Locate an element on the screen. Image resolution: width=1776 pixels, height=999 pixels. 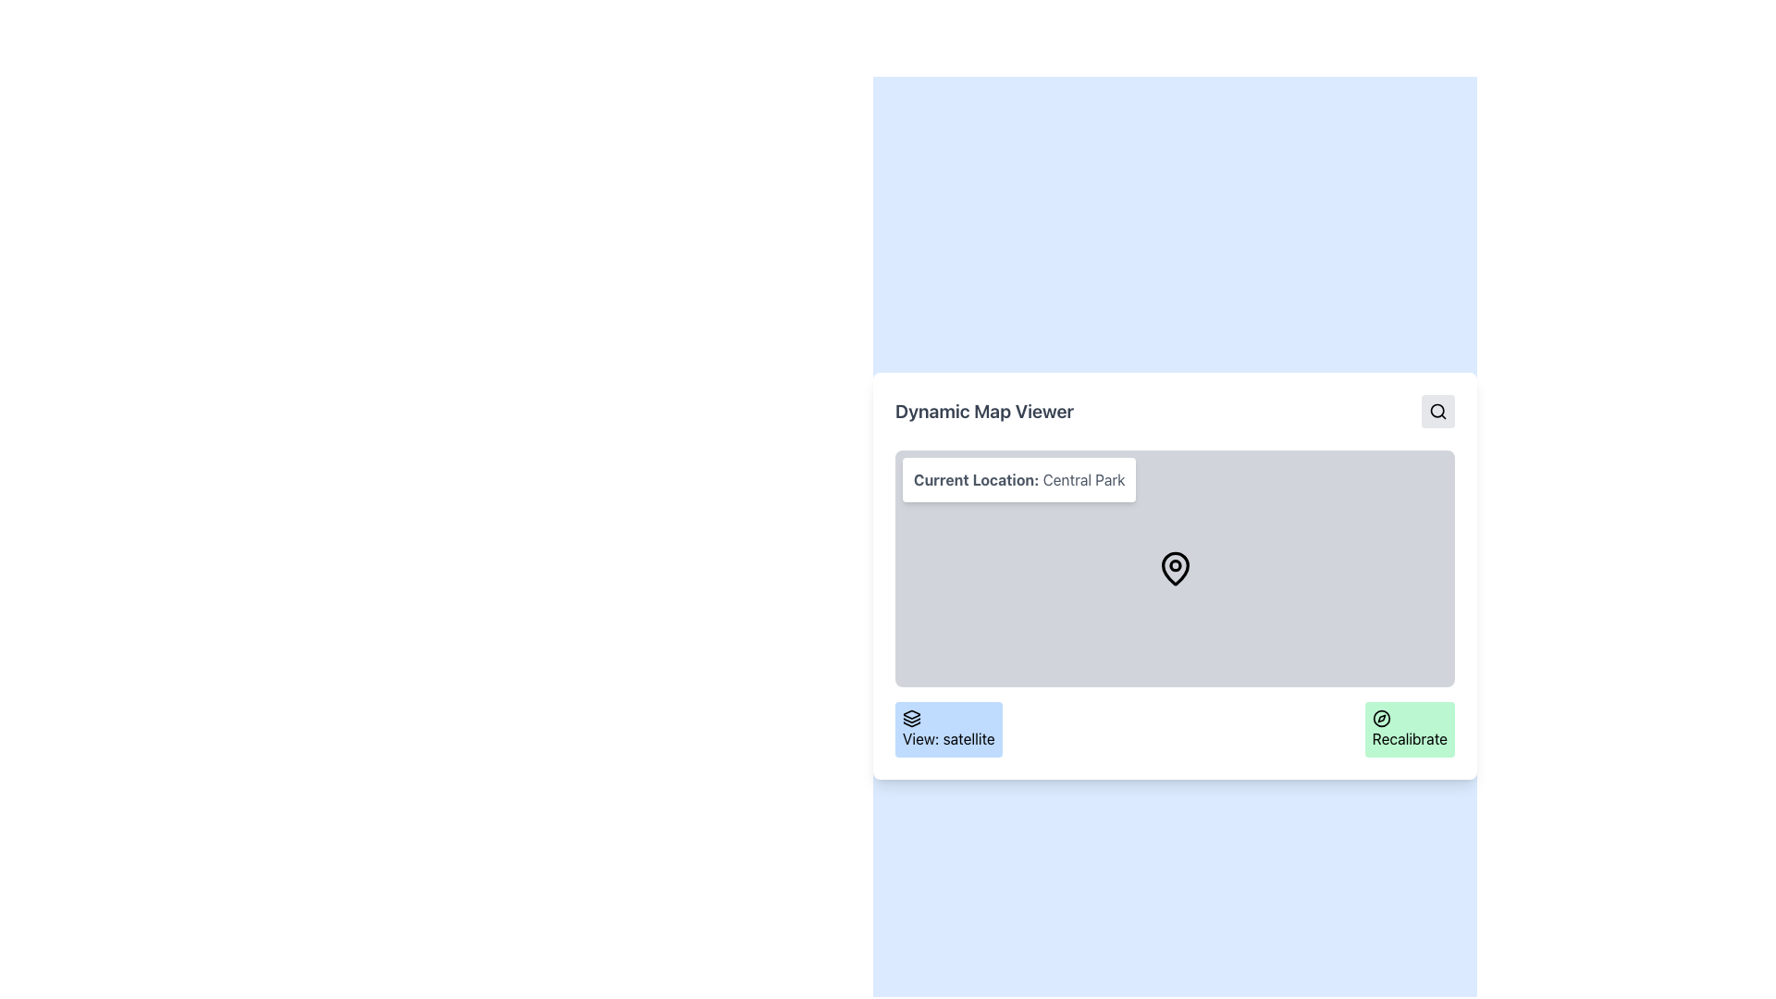
the Interactive Map/Location Viewer to interact with it is located at coordinates (1174, 603).